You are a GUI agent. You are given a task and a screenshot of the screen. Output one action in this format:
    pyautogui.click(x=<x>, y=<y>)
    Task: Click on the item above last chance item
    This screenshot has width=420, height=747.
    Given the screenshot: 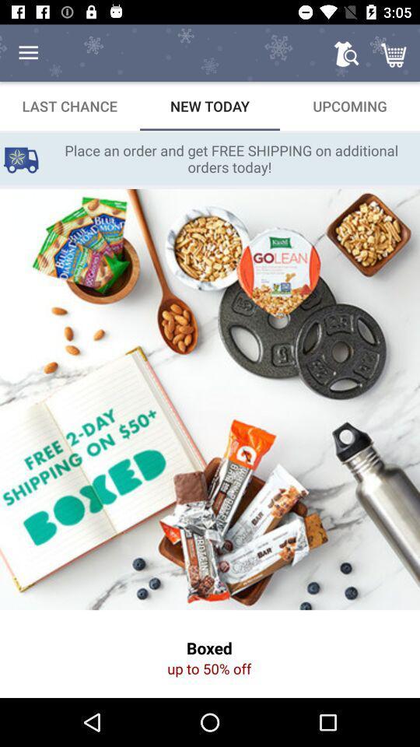 What is the action you would take?
    pyautogui.click(x=28, y=53)
    